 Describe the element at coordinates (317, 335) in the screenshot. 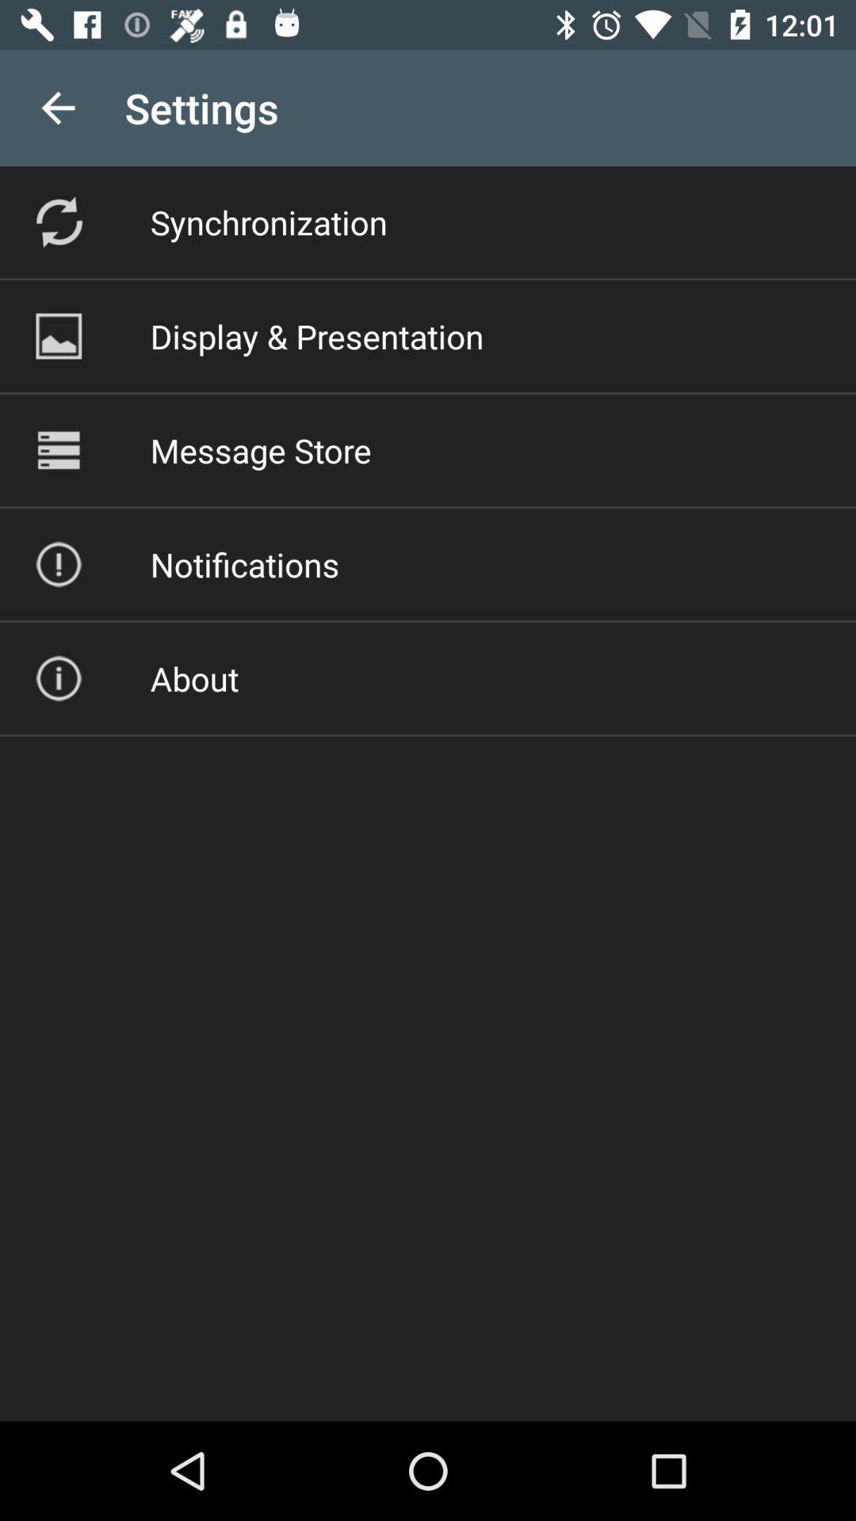

I see `item below synchronization` at that location.